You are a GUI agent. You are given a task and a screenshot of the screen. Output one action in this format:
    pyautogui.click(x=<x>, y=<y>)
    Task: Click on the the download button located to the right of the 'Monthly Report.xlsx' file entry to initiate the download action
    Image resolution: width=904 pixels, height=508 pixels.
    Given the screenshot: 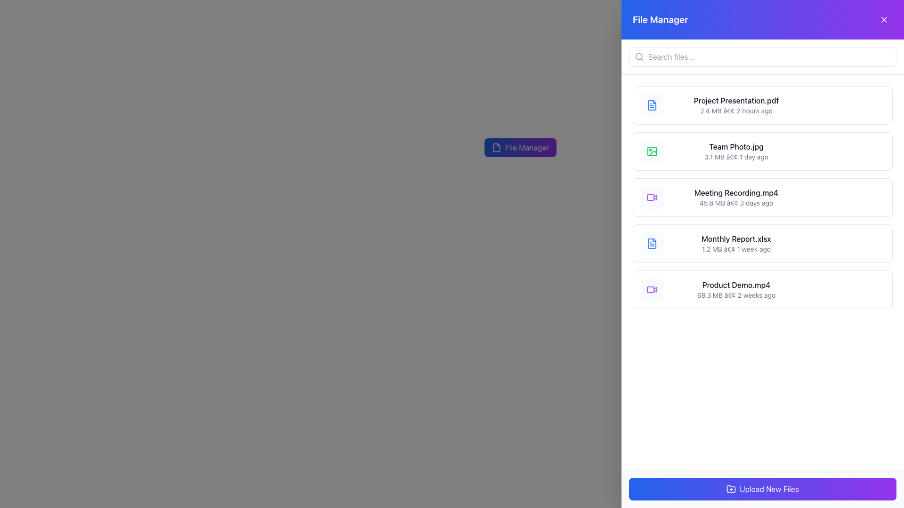 What is the action you would take?
    pyautogui.click(x=837, y=243)
    